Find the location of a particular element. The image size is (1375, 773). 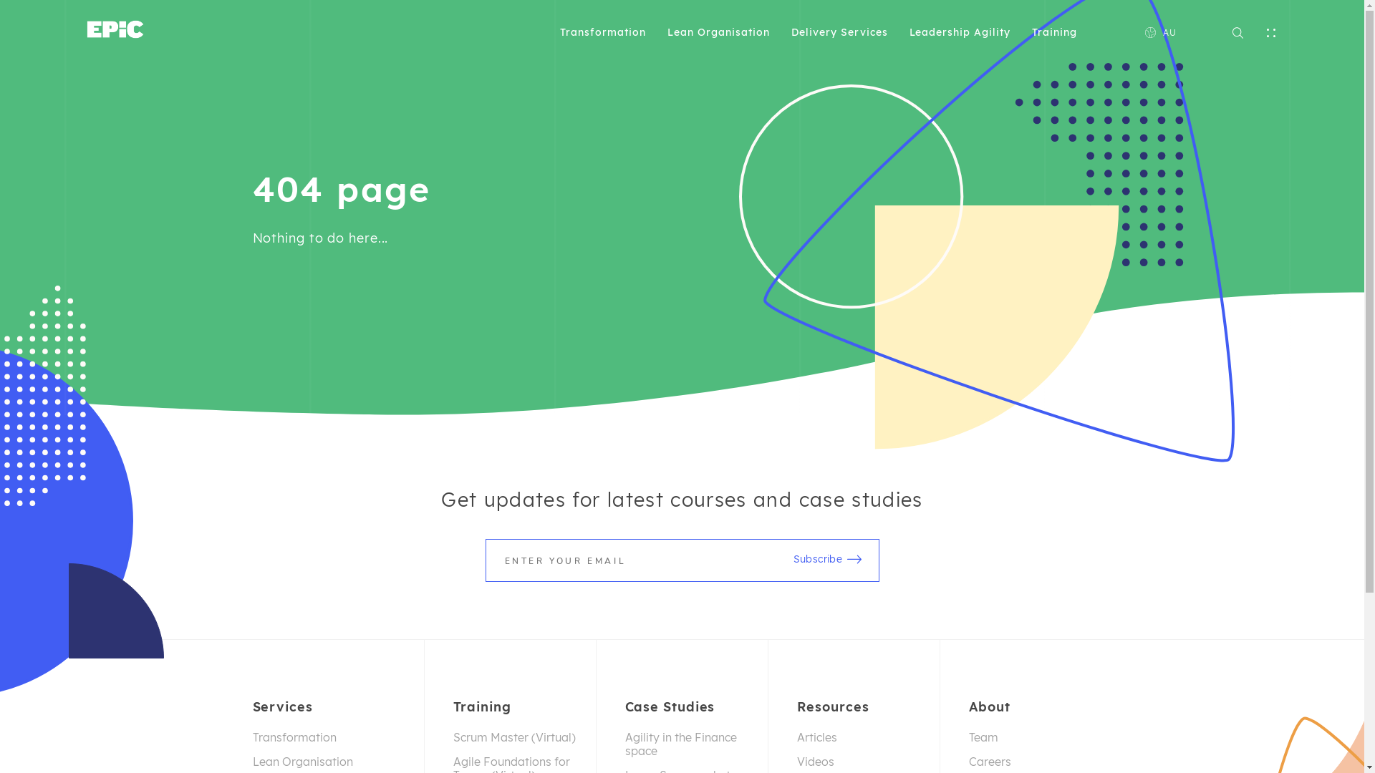

'Resources' is located at coordinates (864, 706).